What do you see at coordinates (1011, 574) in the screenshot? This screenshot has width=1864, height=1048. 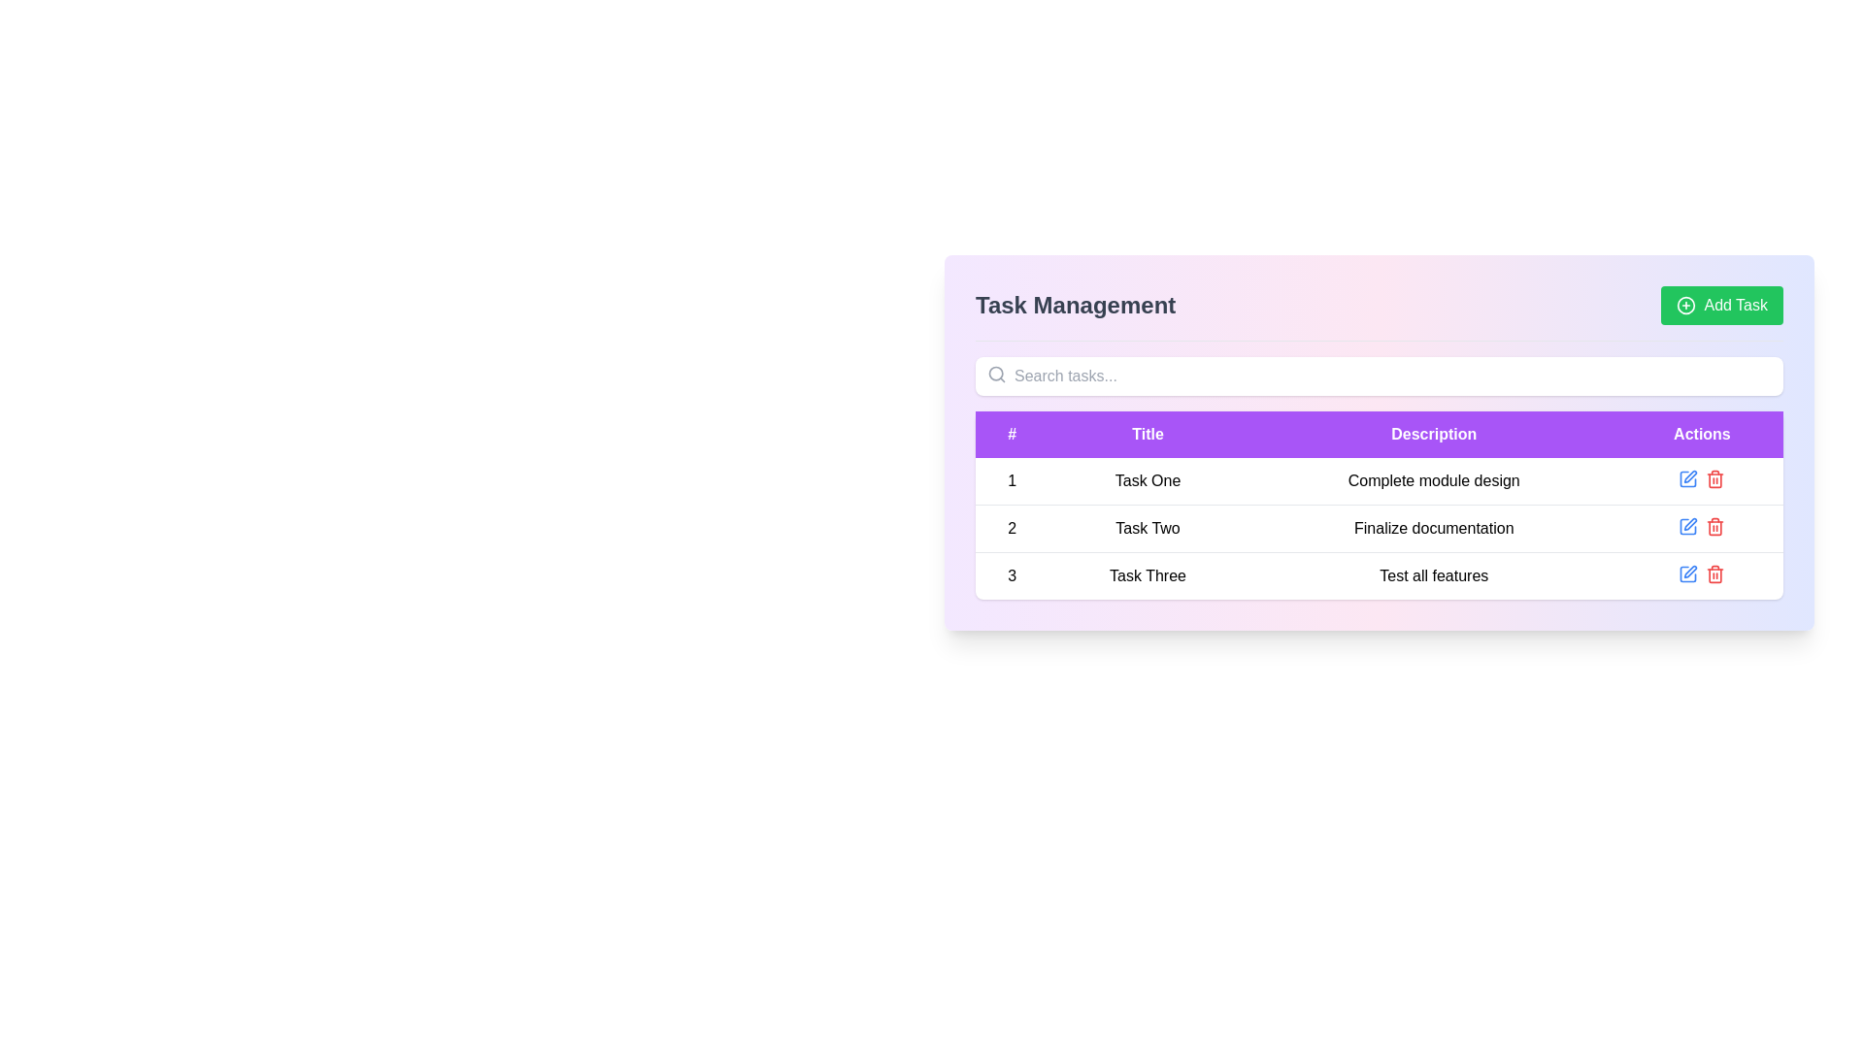 I see `the table cell in the last row under the '#' column, which represents the task number and is adjacent to 'Task Three' and 'Test all features'` at bounding box center [1011, 574].